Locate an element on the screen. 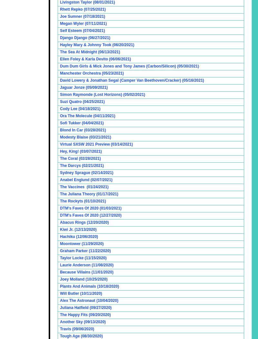  'Will Butler (10/11/2020)' is located at coordinates (81, 293).